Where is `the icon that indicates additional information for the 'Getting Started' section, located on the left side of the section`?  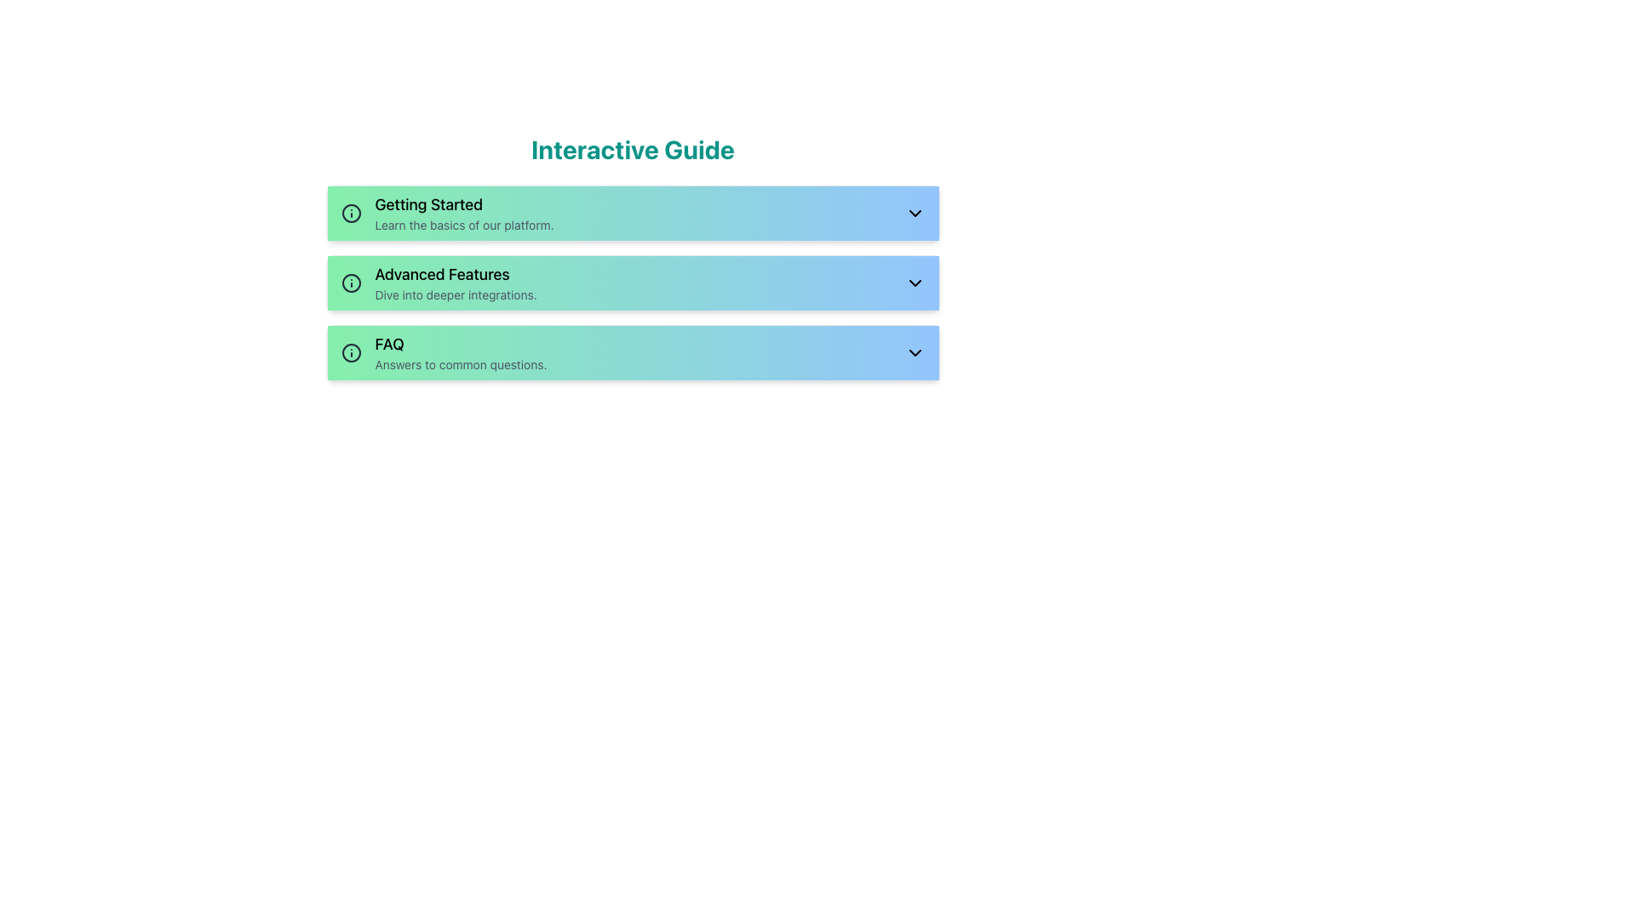
the icon that indicates additional information for the 'Getting Started' section, located on the left side of the section is located at coordinates (350, 212).